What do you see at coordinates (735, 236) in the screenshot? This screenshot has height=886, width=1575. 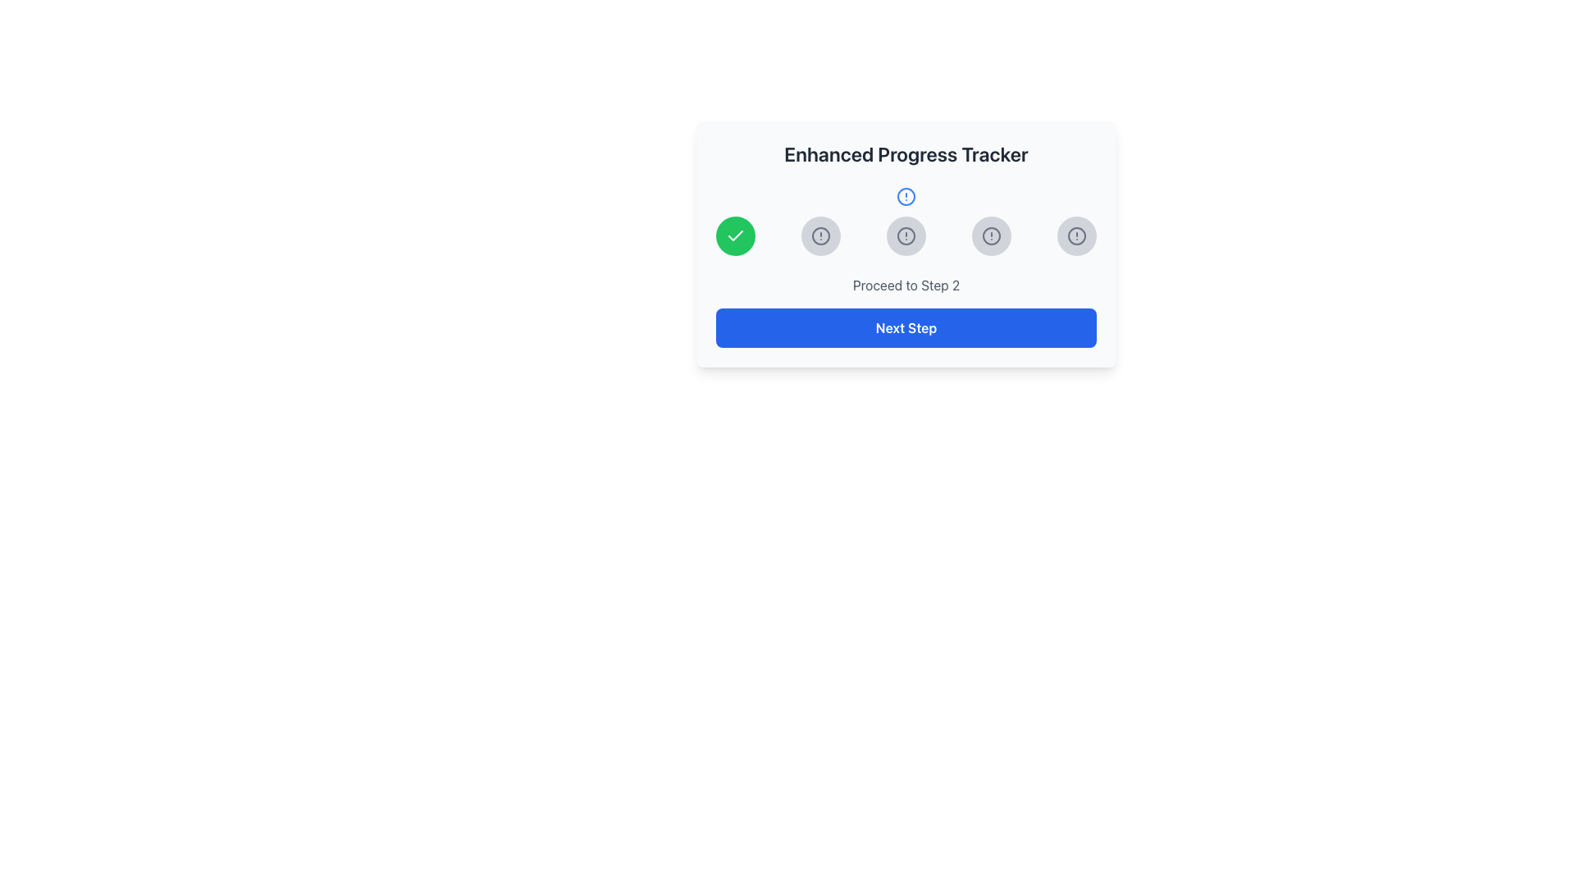 I see `the checkmark icon with a green circular background, which serves as the first step in the progress tracker interface` at bounding box center [735, 236].